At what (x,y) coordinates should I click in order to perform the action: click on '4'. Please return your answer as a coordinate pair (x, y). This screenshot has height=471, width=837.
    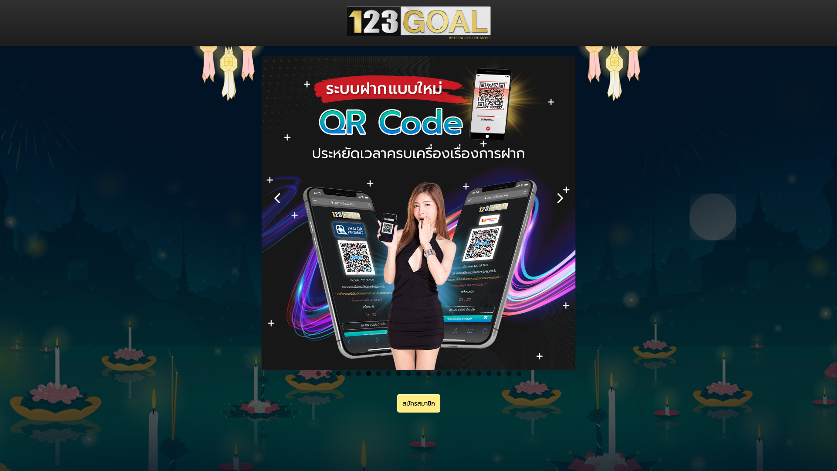
    Looking at the image, I should click on (348, 373).